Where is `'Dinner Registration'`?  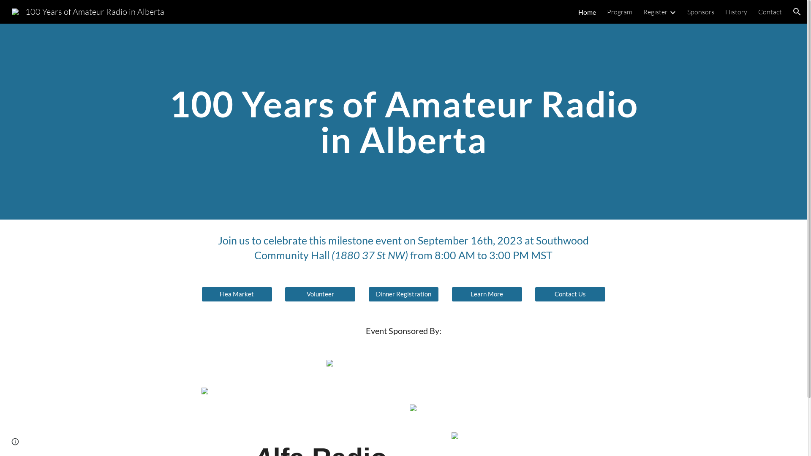
'Dinner Registration' is located at coordinates (403, 294).